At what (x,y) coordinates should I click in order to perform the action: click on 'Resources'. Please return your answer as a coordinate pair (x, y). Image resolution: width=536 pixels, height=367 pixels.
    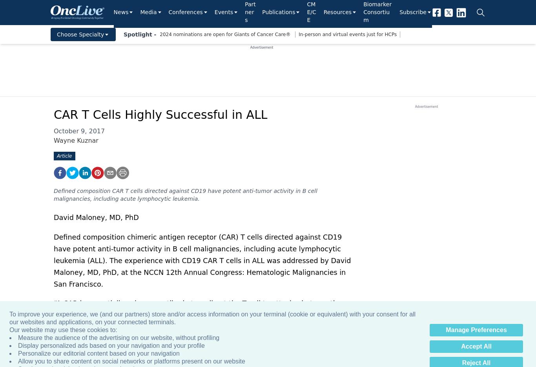
    Looking at the image, I should click on (323, 11).